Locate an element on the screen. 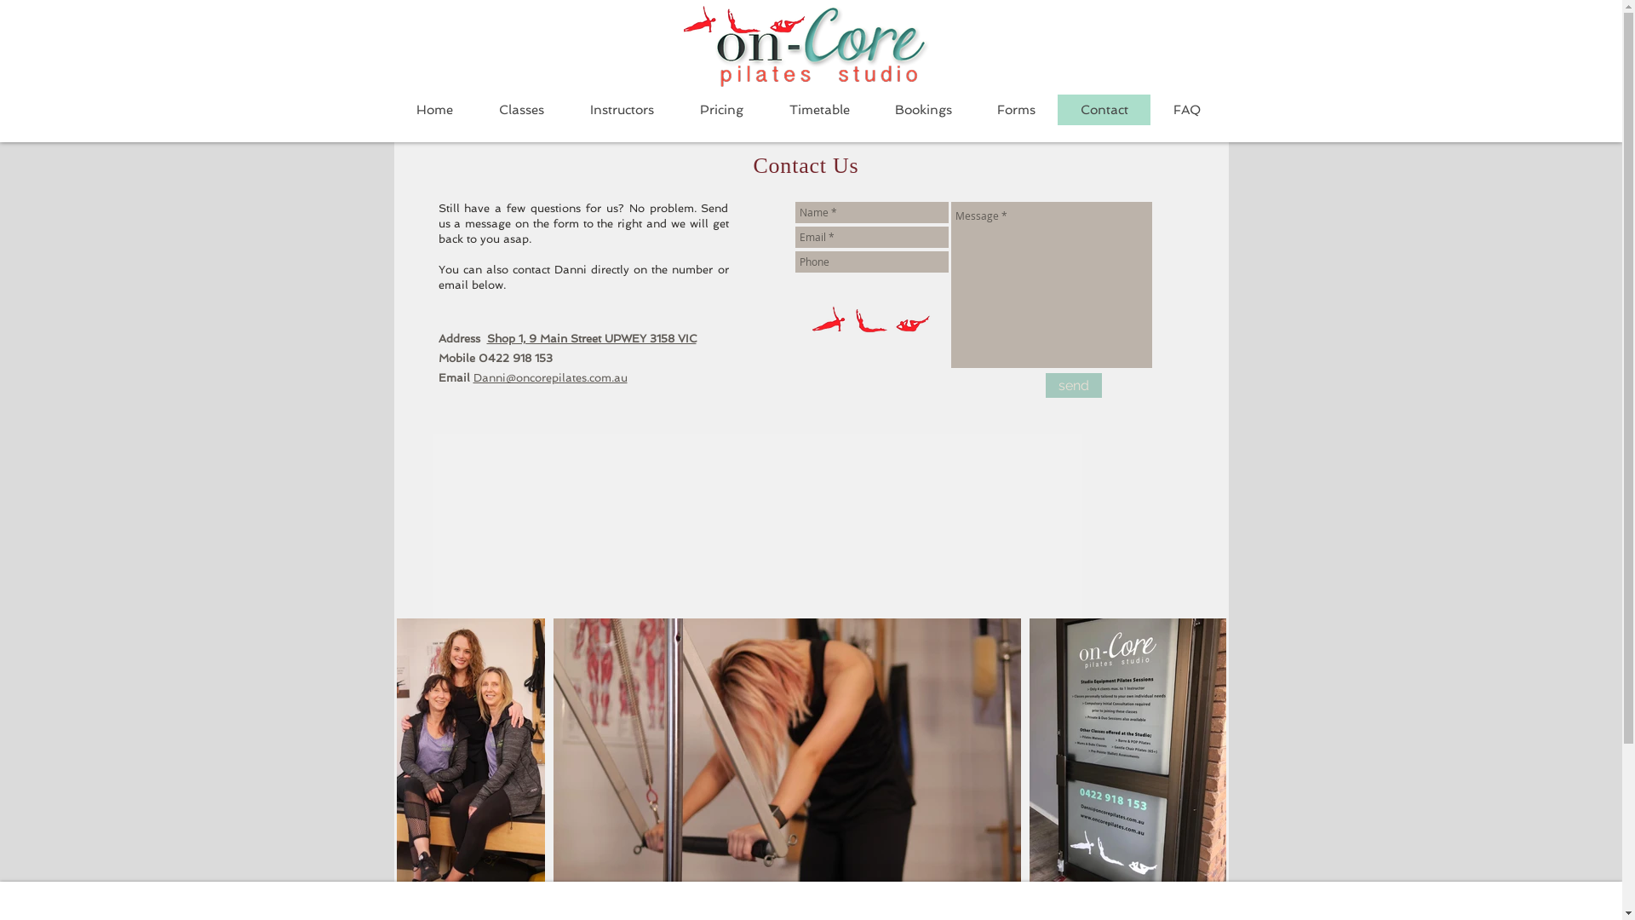 This screenshot has width=1635, height=920. 'Danni@oncorepilates.com.au' is located at coordinates (473, 377).